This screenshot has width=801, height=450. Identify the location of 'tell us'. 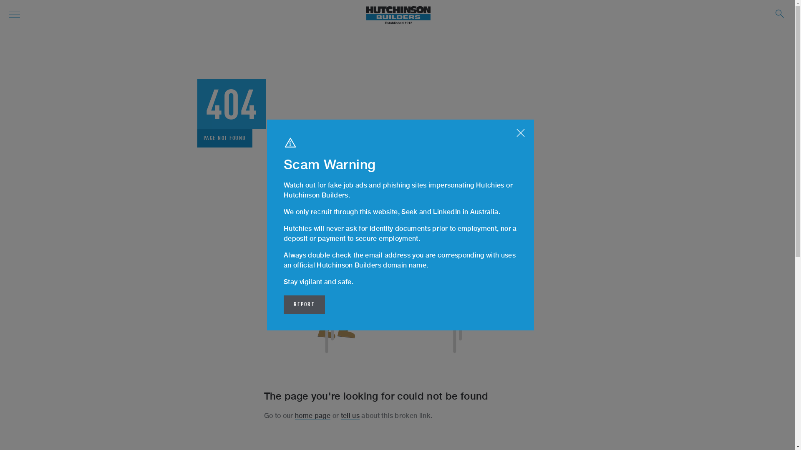
(350, 416).